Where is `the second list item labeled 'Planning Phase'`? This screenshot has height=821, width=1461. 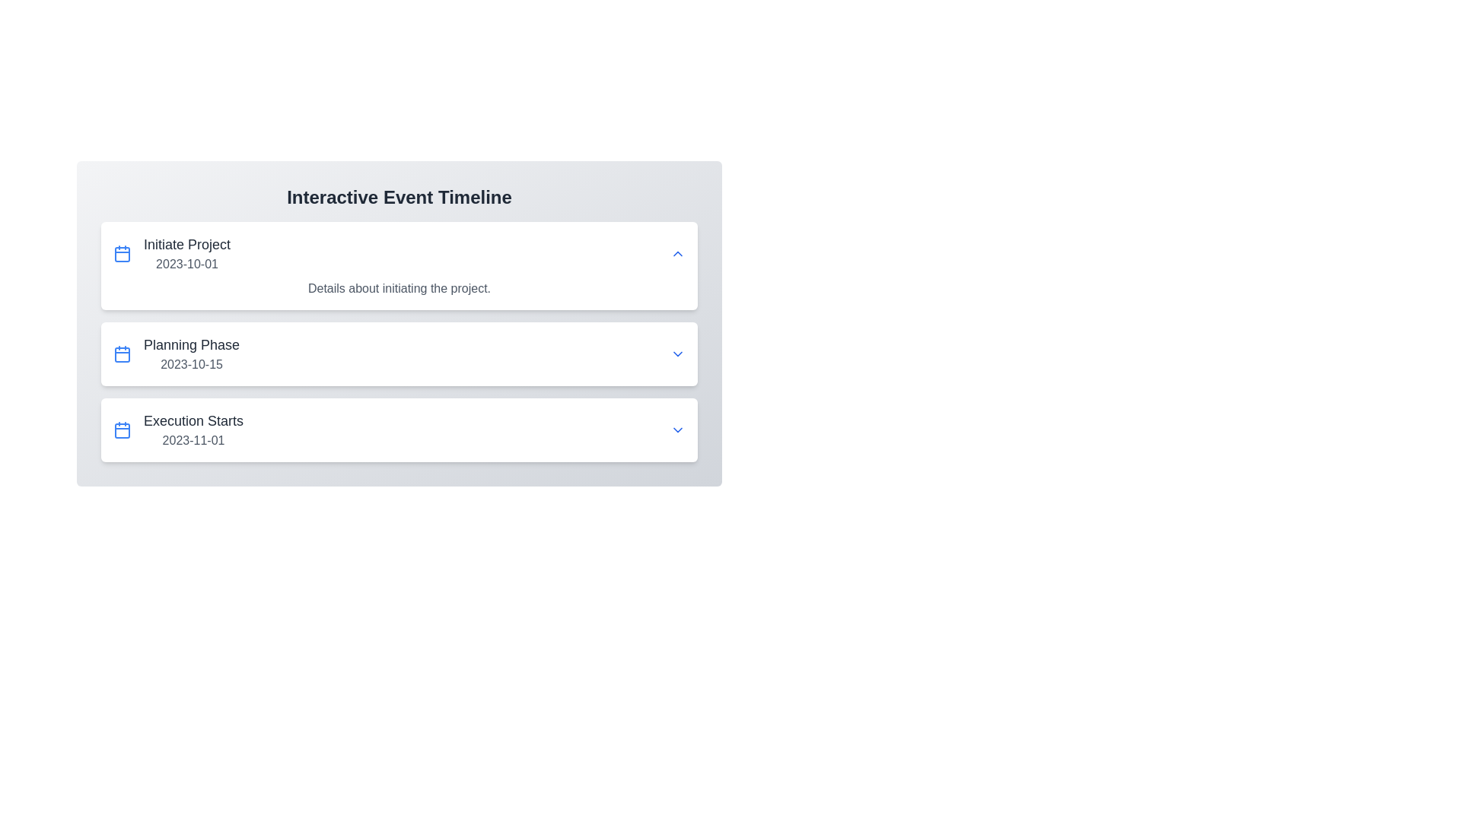
the second list item labeled 'Planning Phase' is located at coordinates (399, 354).